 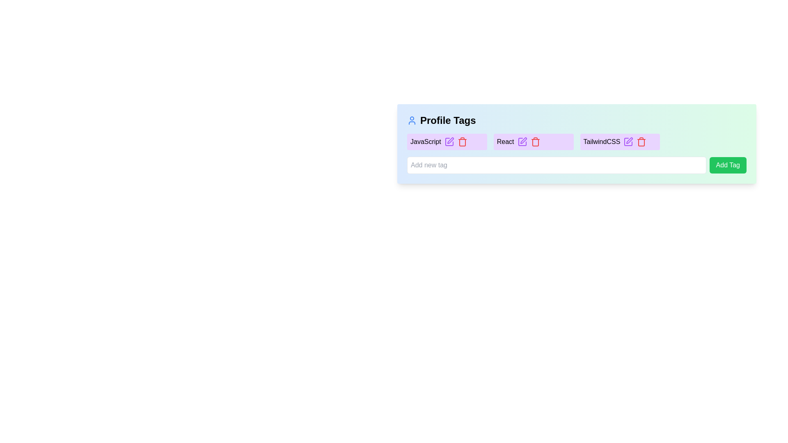 I want to click on the Tag component labeled 'TailwindCSS', so click(x=620, y=142).